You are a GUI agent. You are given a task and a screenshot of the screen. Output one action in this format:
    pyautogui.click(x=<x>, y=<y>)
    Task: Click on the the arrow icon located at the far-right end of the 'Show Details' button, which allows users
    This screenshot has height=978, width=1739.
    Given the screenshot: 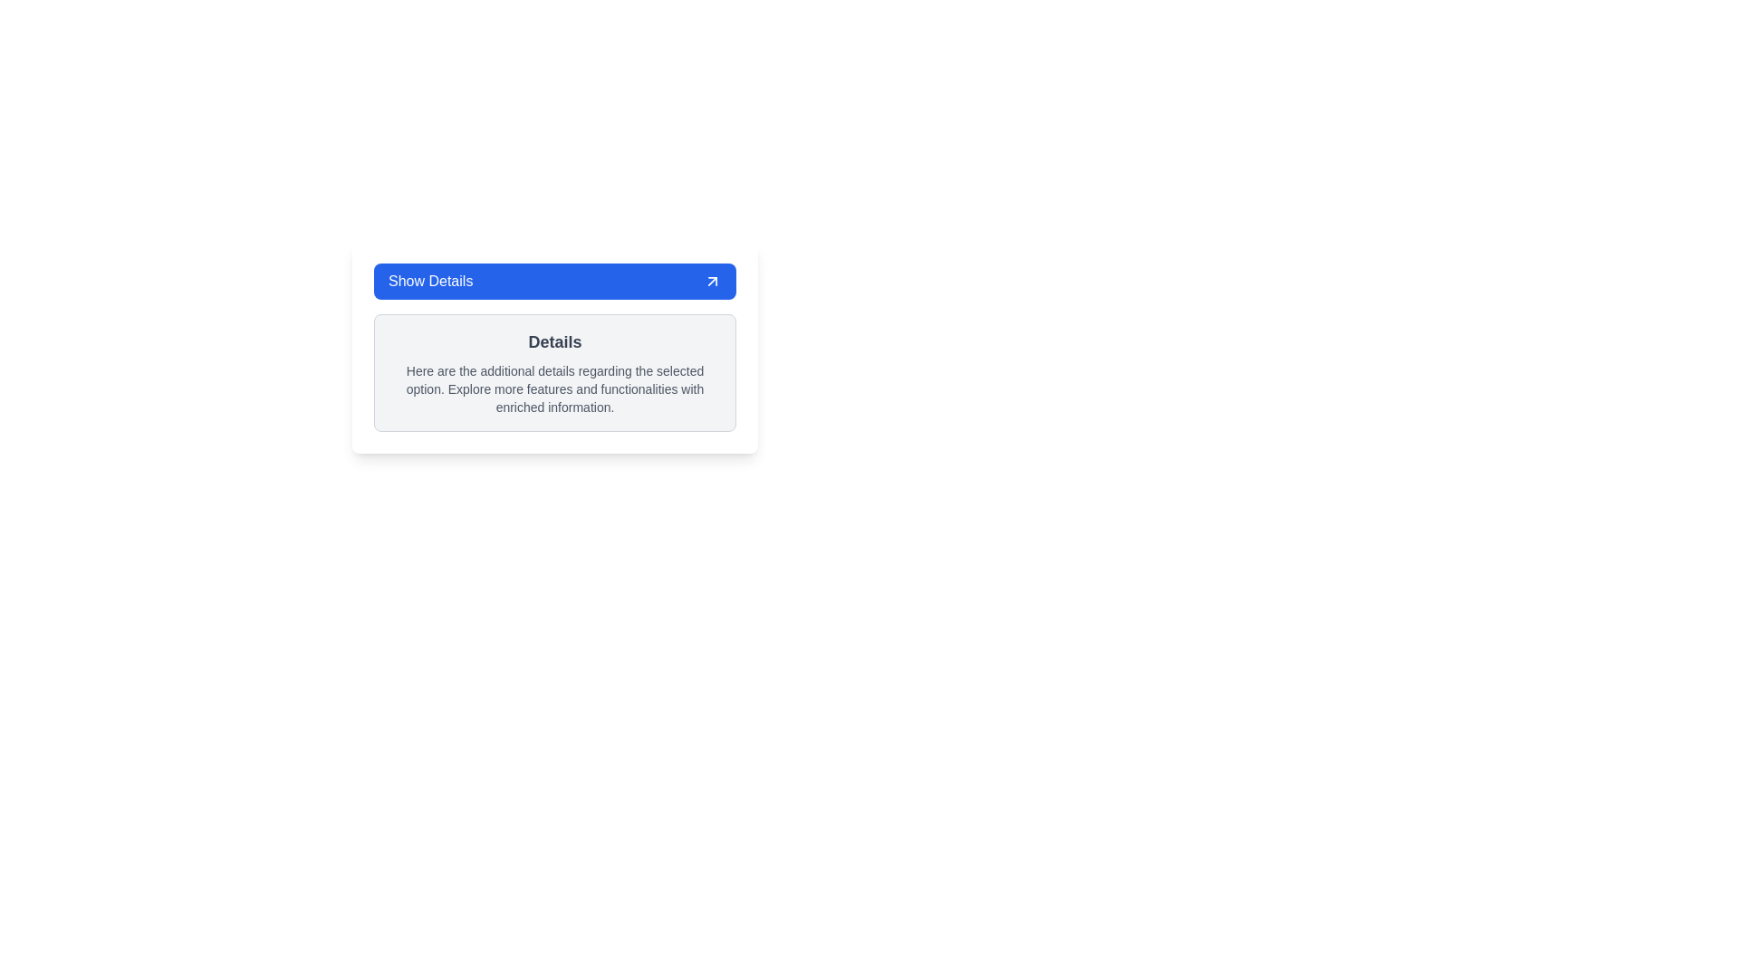 What is the action you would take?
    pyautogui.click(x=712, y=282)
    